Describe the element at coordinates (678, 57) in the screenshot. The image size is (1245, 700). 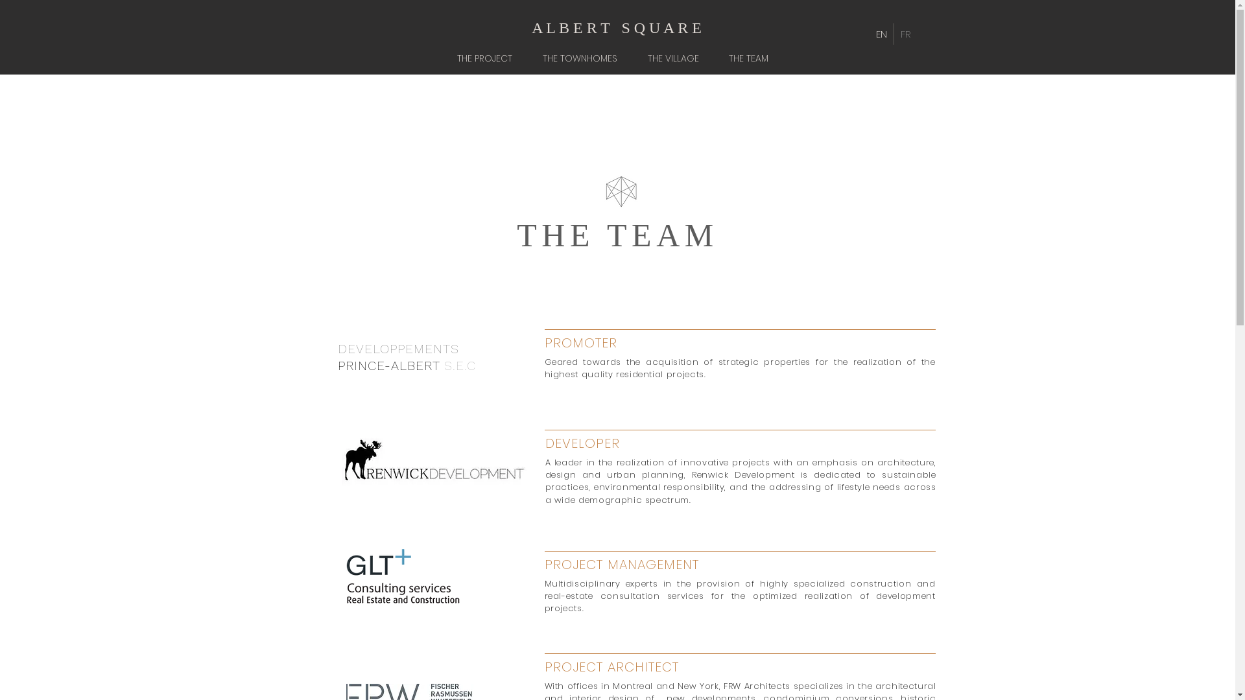
I see `'THE VILLAGE'` at that location.